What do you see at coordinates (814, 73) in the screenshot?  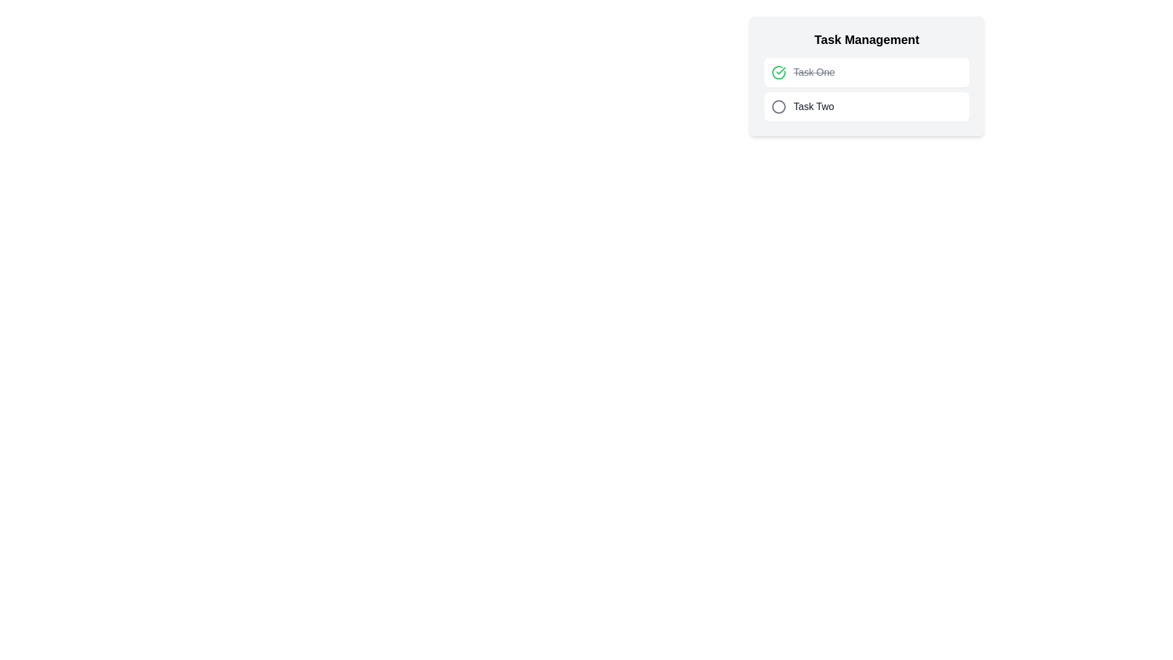 I see `the completed task label indicating the first task in the list to potentially reveal additional options` at bounding box center [814, 73].